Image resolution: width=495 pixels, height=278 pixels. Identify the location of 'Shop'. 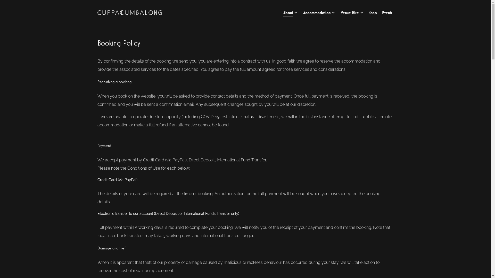
(373, 13).